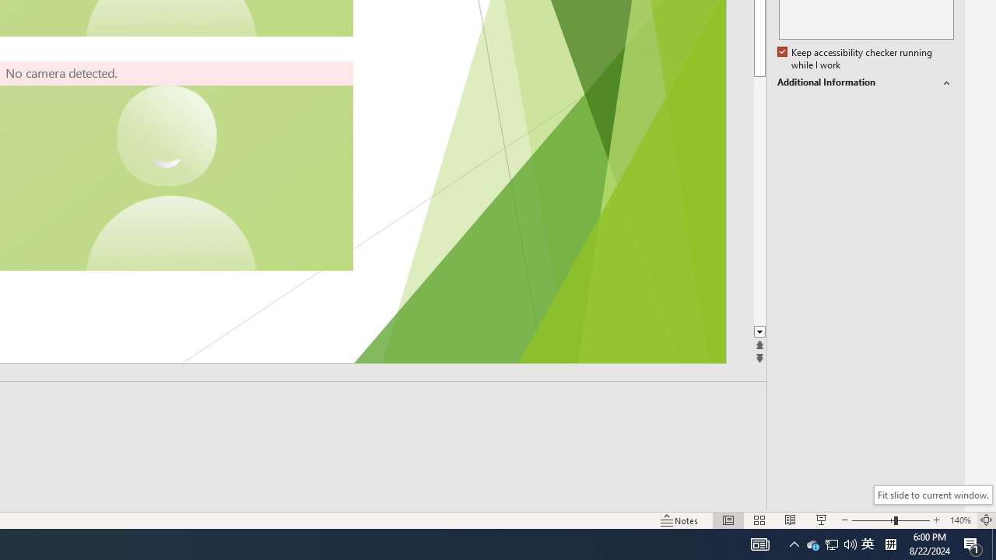 The width and height of the screenshot is (996, 560). Describe the element at coordinates (959, 520) in the screenshot. I see `'Zoom 140%'` at that location.